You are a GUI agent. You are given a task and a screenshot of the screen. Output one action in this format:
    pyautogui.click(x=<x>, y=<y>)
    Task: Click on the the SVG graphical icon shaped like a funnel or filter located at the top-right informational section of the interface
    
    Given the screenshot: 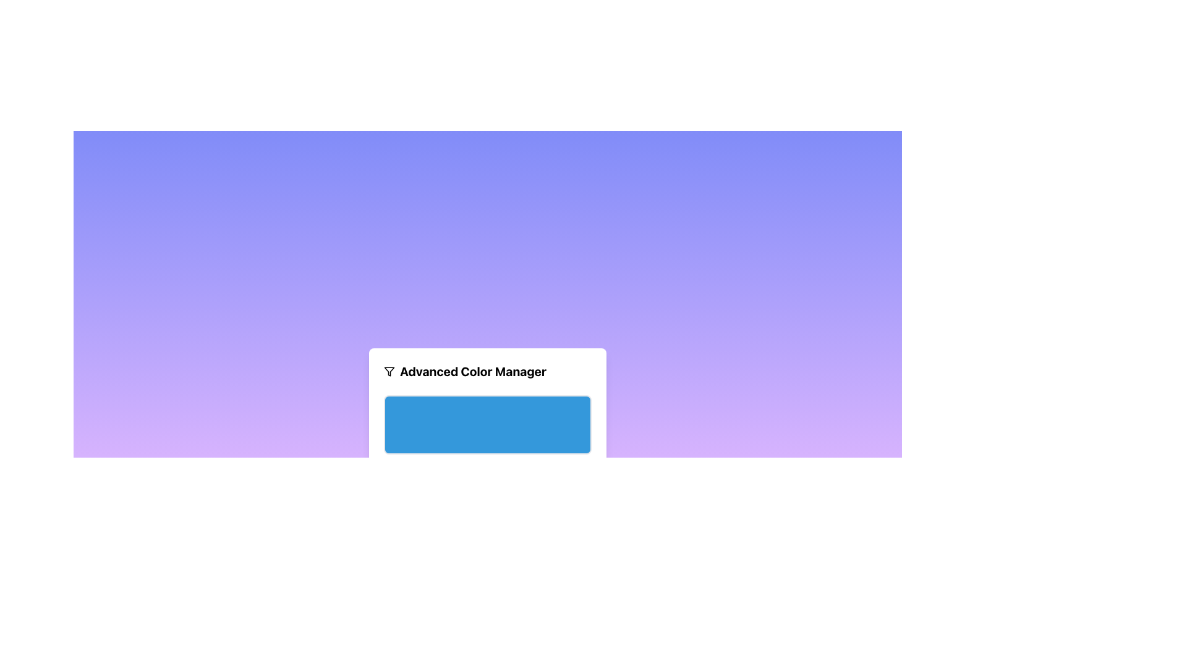 What is the action you would take?
    pyautogui.click(x=388, y=371)
    